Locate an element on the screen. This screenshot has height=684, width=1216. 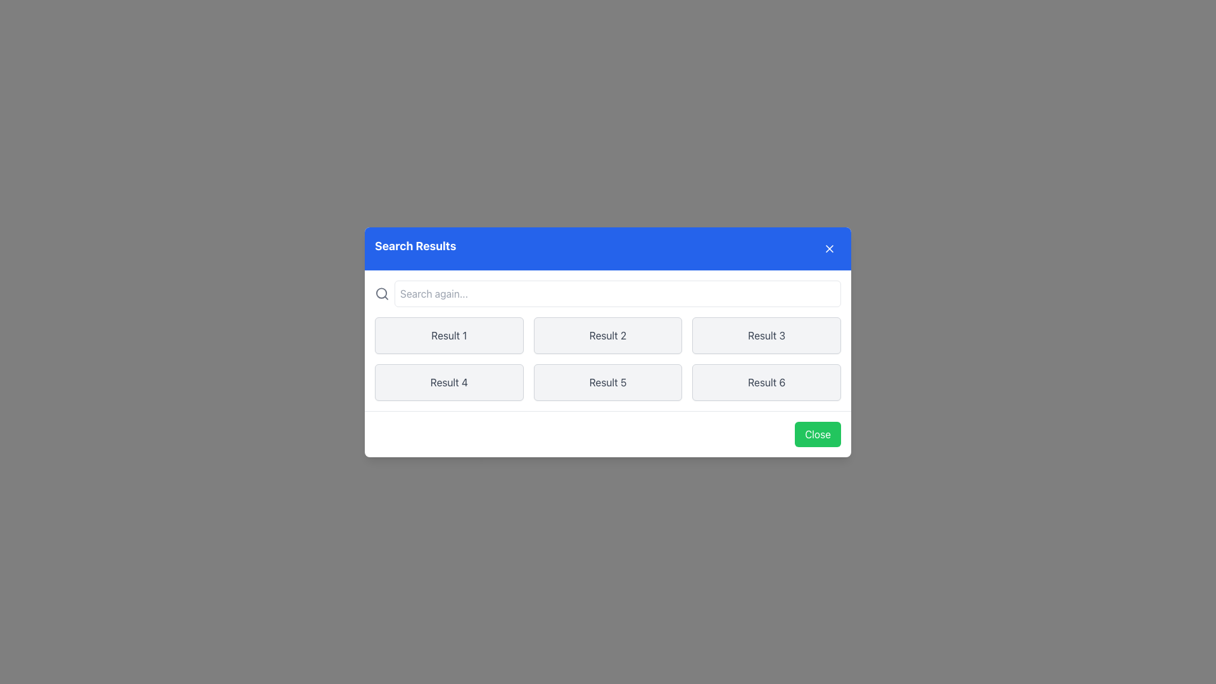
the close button located in the bottom-right corner of the modal is located at coordinates (818, 433).